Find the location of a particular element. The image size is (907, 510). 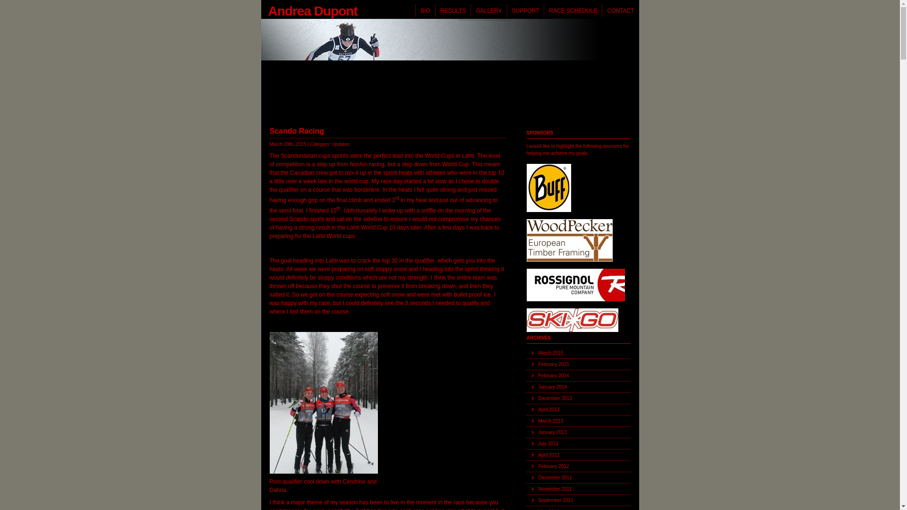

'July 2012' is located at coordinates (578, 444).